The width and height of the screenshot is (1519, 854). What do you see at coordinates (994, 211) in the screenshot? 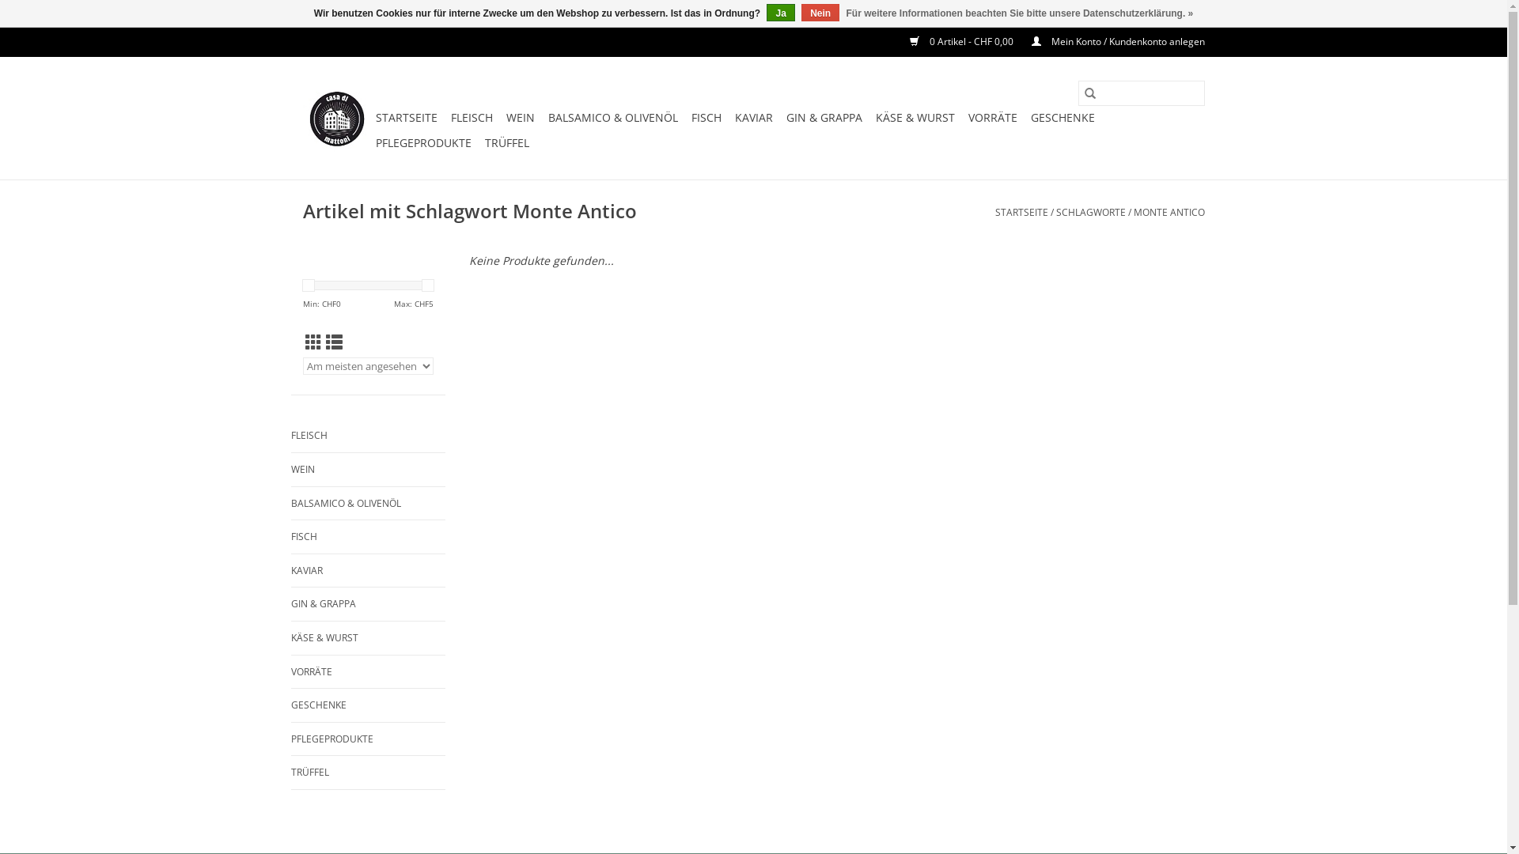
I see `'STARTSEITE'` at bounding box center [994, 211].